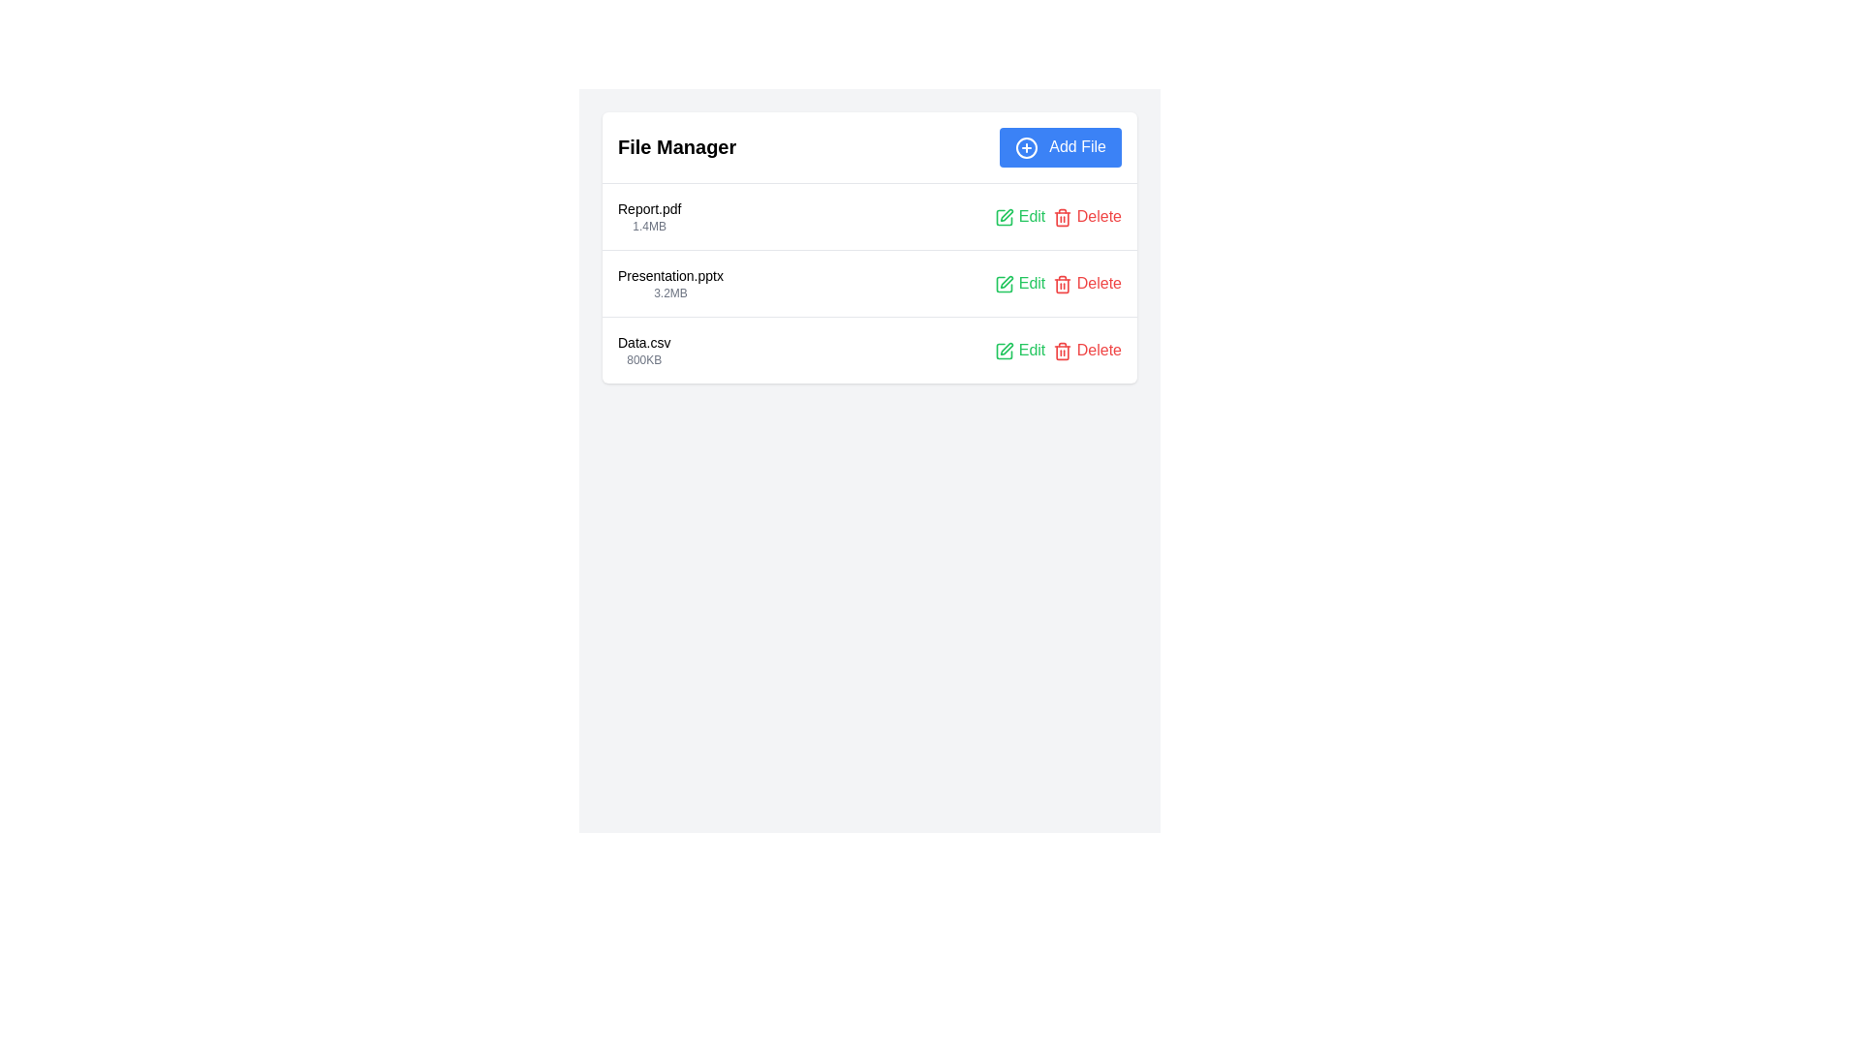 Image resolution: width=1860 pixels, height=1046 pixels. Describe the element at coordinates (868, 283) in the screenshot. I see `the file entry 'Presentation.pptx' in the file manager` at that location.